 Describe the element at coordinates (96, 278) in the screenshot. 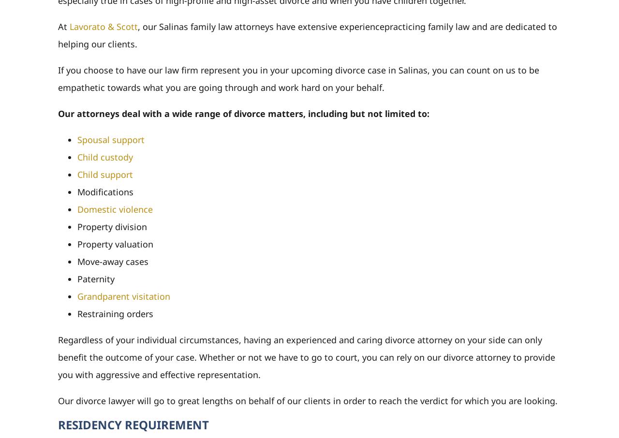

I see `'Paternity'` at that location.